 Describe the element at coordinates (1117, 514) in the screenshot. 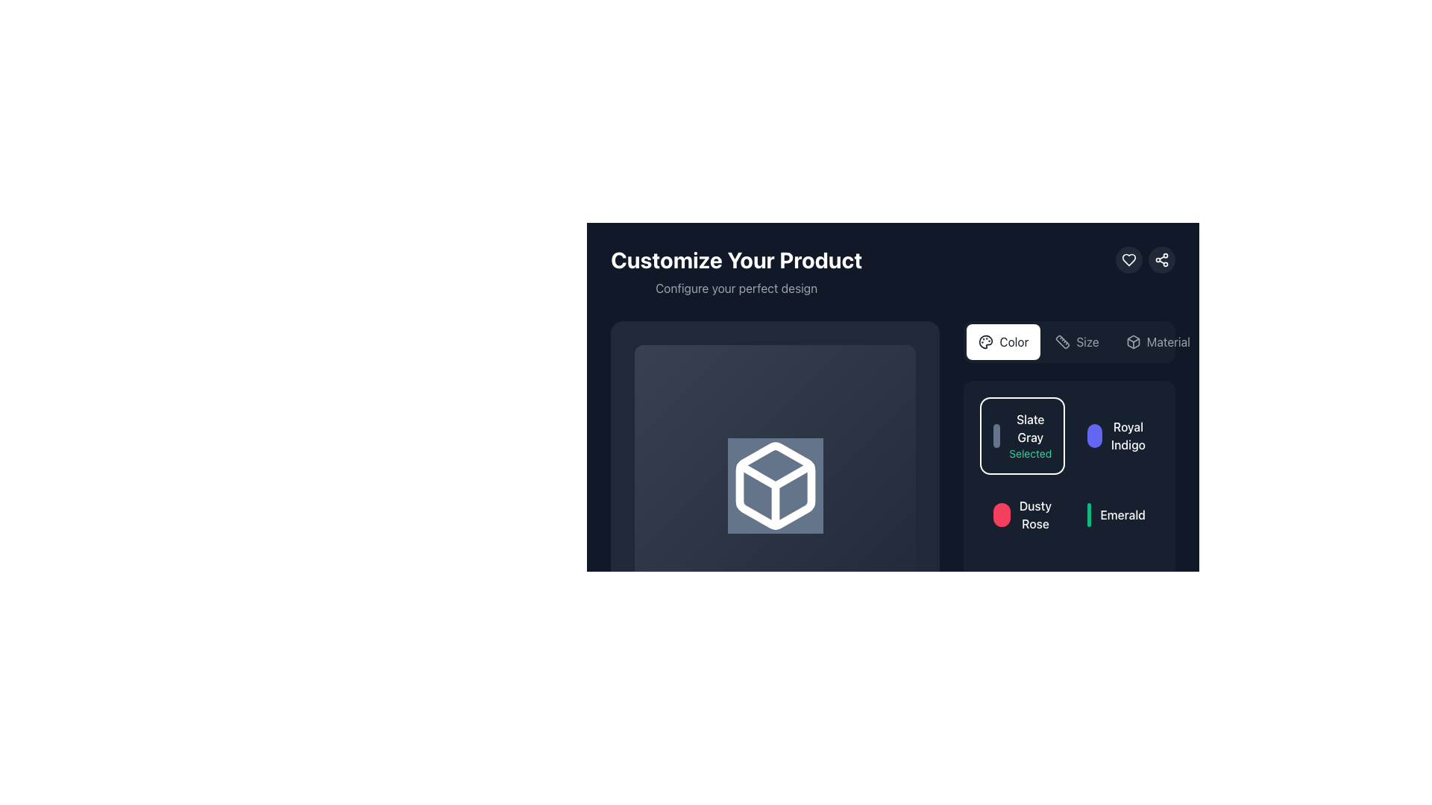

I see `the 'Emerald' selectable color option located in the right-hand panel, positioned below 'Slate Gray Selected' and above 'Dusty Rose'` at that location.